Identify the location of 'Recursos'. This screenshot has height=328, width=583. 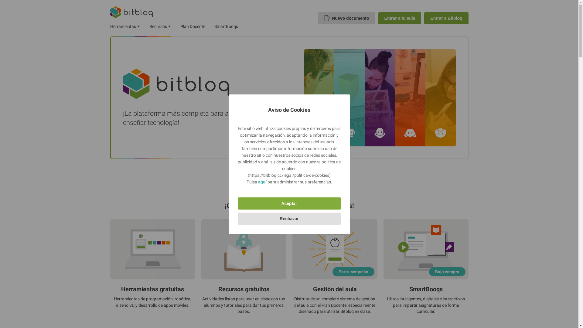
(160, 26).